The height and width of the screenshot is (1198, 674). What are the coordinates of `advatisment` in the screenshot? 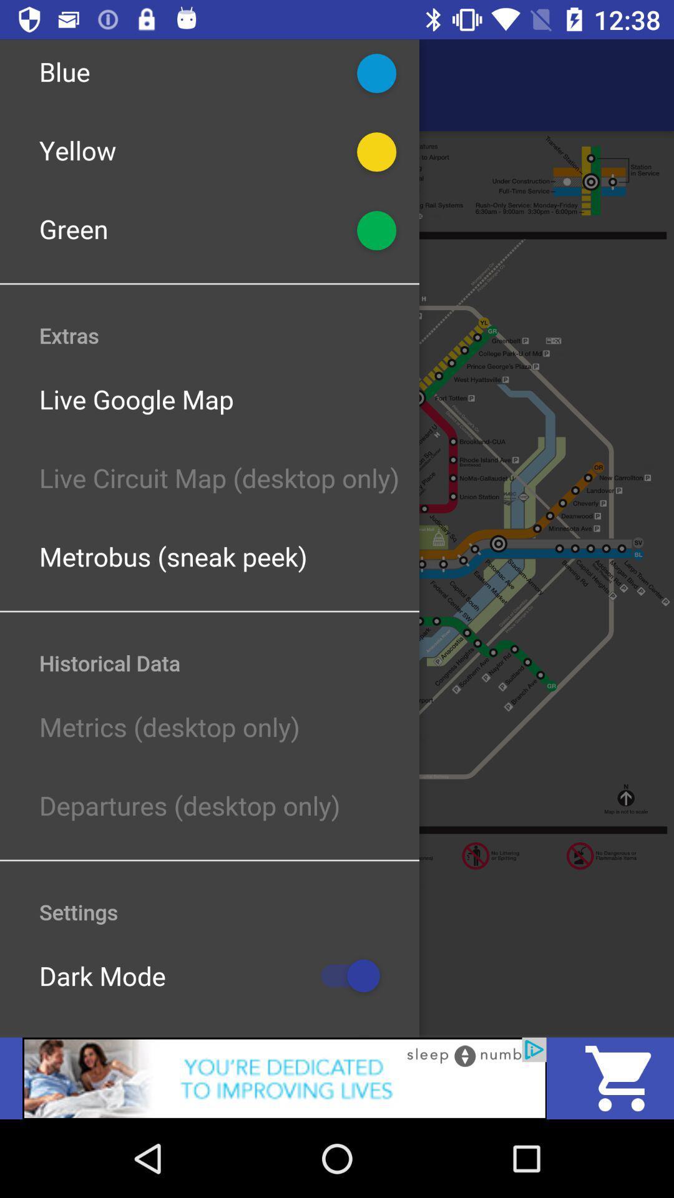 It's located at (284, 1078).